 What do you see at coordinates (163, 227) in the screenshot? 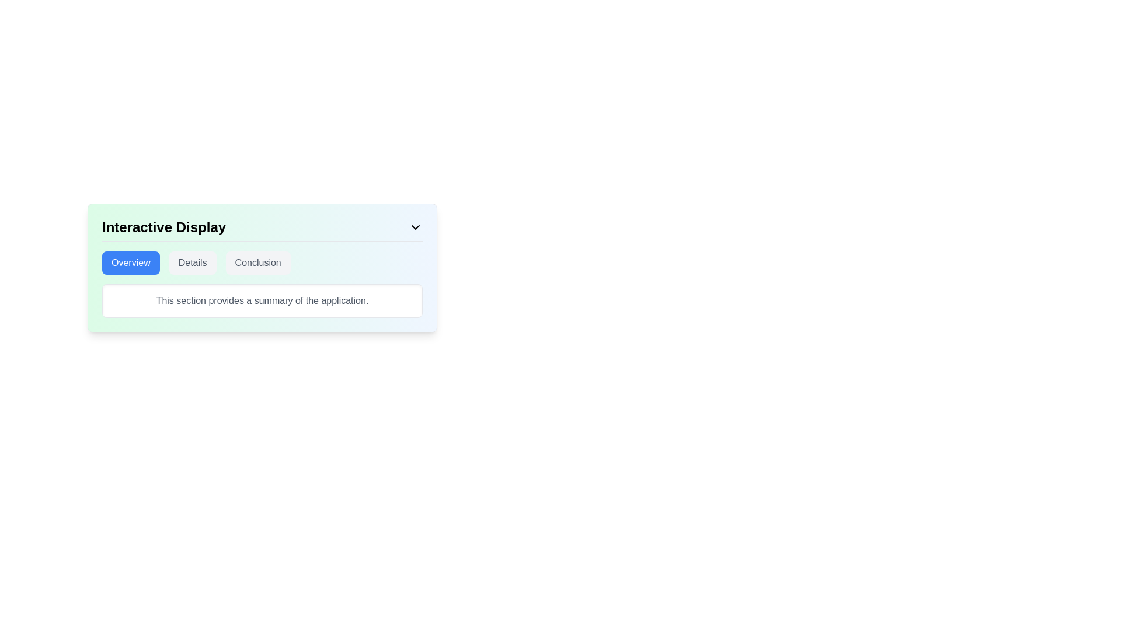
I see `the 'Interactive Display' text label element, which is prominently displayed in large, bold font at the upper corner of a card component, indicating a header and located on a light background` at bounding box center [163, 227].